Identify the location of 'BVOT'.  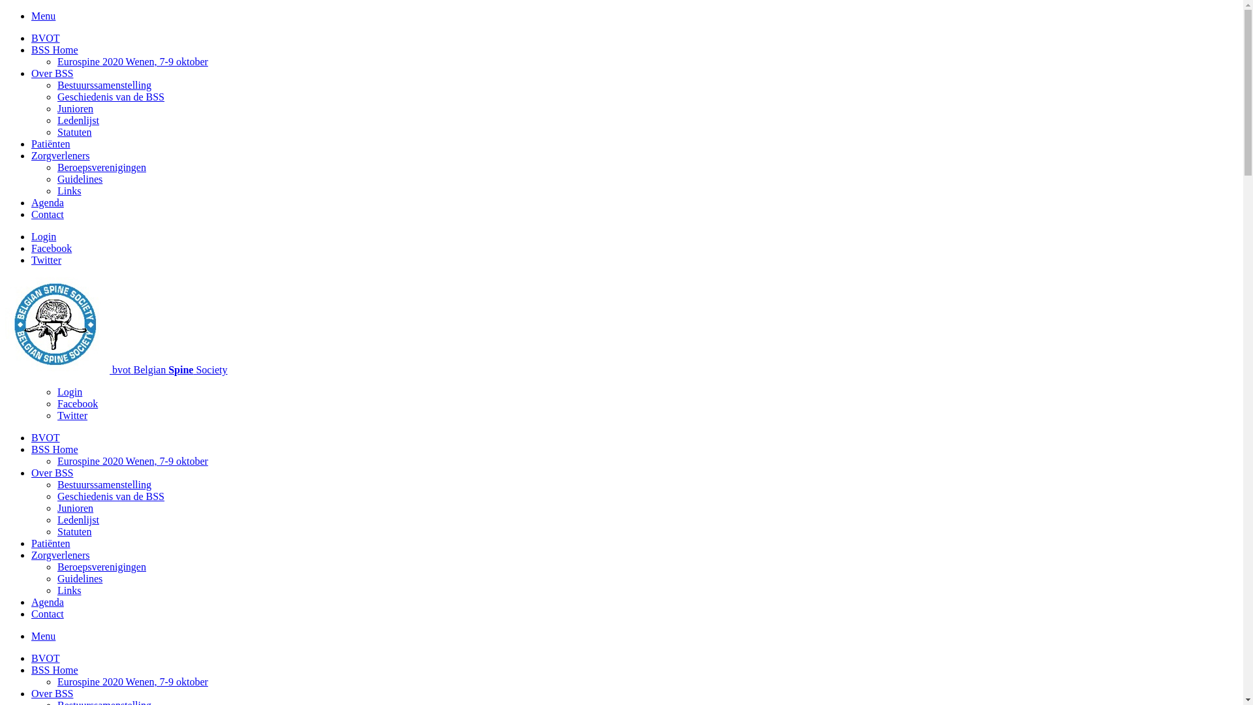
(46, 37).